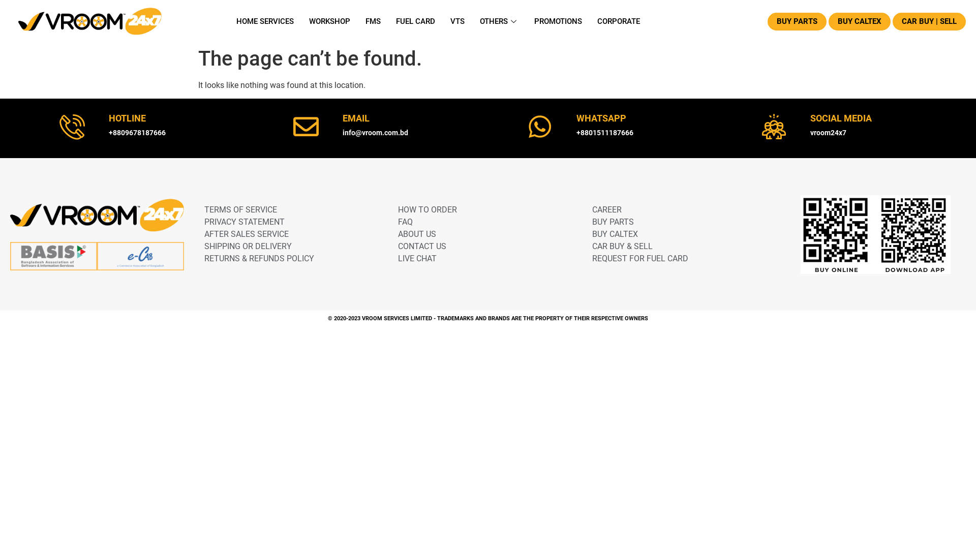 The height and width of the screenshot is (549, 976). I want to click on 'FUEL CARD', so click(415, 21).